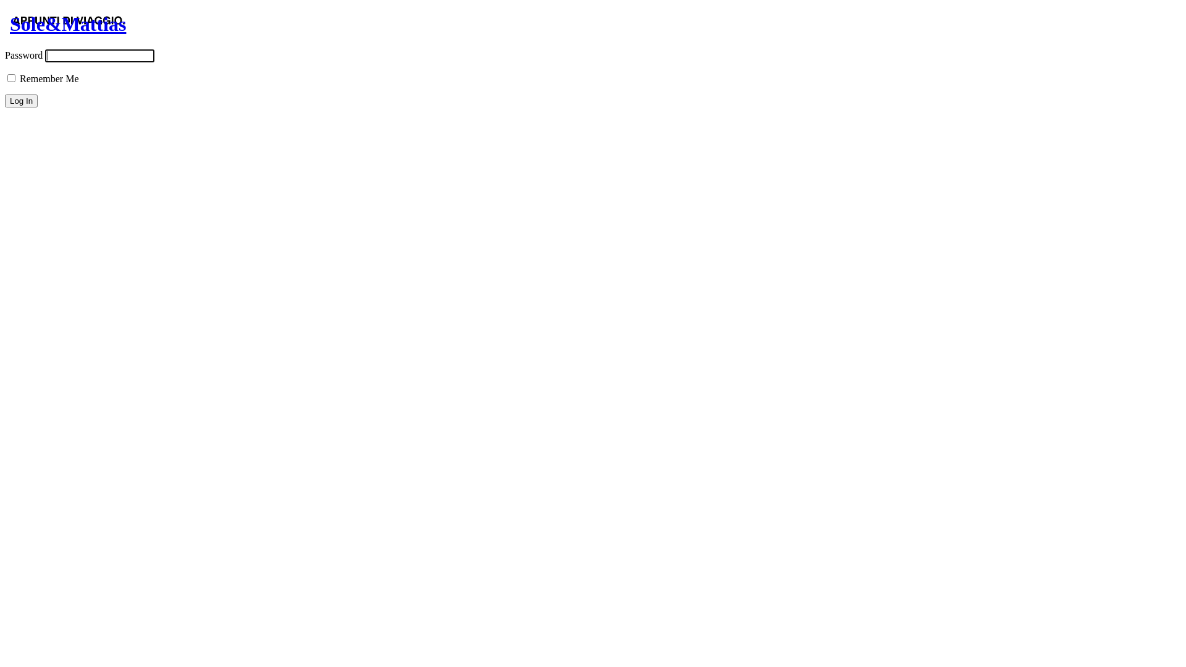  I want to click on 'Log In', so click(21, 100).